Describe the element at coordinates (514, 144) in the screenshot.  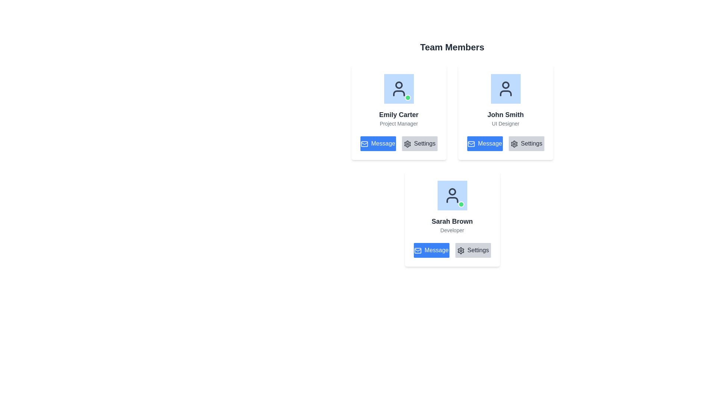
I see `the cogwheel icon within the 'Settings' button located beneath the profile card titled 'John Smith - UI Designer'` at that location.